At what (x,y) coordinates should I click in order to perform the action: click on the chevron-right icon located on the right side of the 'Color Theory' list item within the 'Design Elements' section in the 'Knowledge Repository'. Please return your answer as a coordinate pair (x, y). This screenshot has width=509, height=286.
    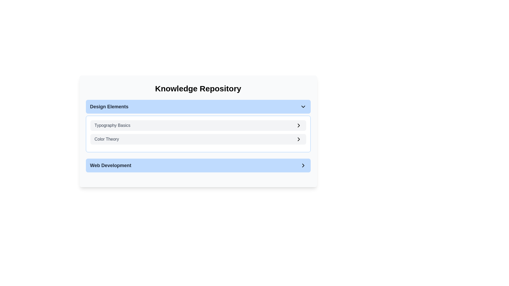
    Looking at the image, I should click on (299, 139).